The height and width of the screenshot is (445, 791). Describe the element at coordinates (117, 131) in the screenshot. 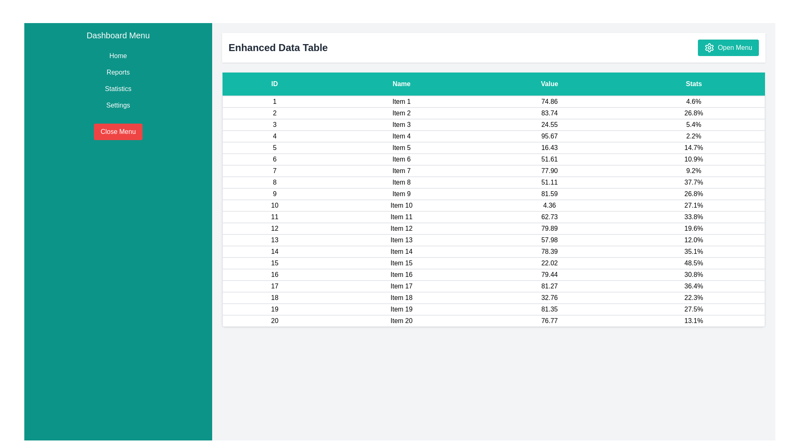

I see `the 'Close Menu' button to hide the sidebar` at that location.